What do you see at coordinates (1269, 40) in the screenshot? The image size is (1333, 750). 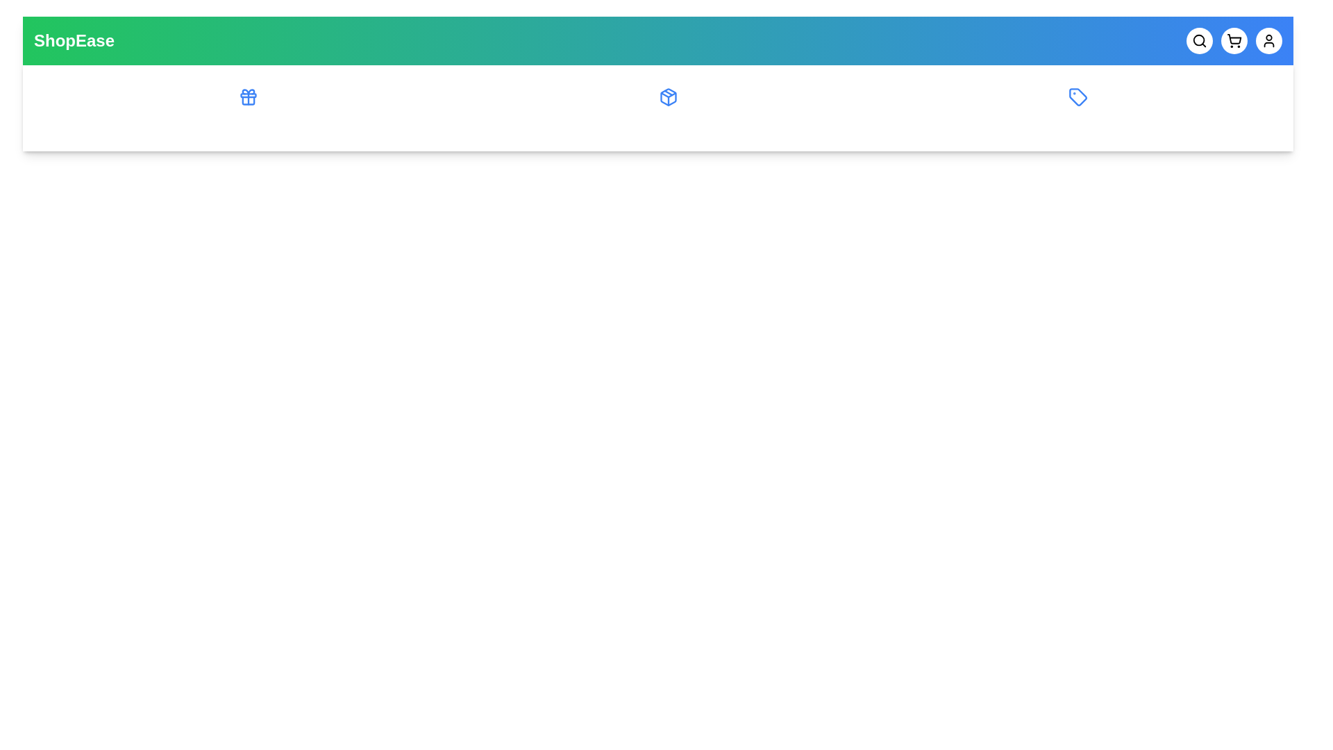 I see `the 'User' icon button to view user-related options` at bounding box center [1269, 40].